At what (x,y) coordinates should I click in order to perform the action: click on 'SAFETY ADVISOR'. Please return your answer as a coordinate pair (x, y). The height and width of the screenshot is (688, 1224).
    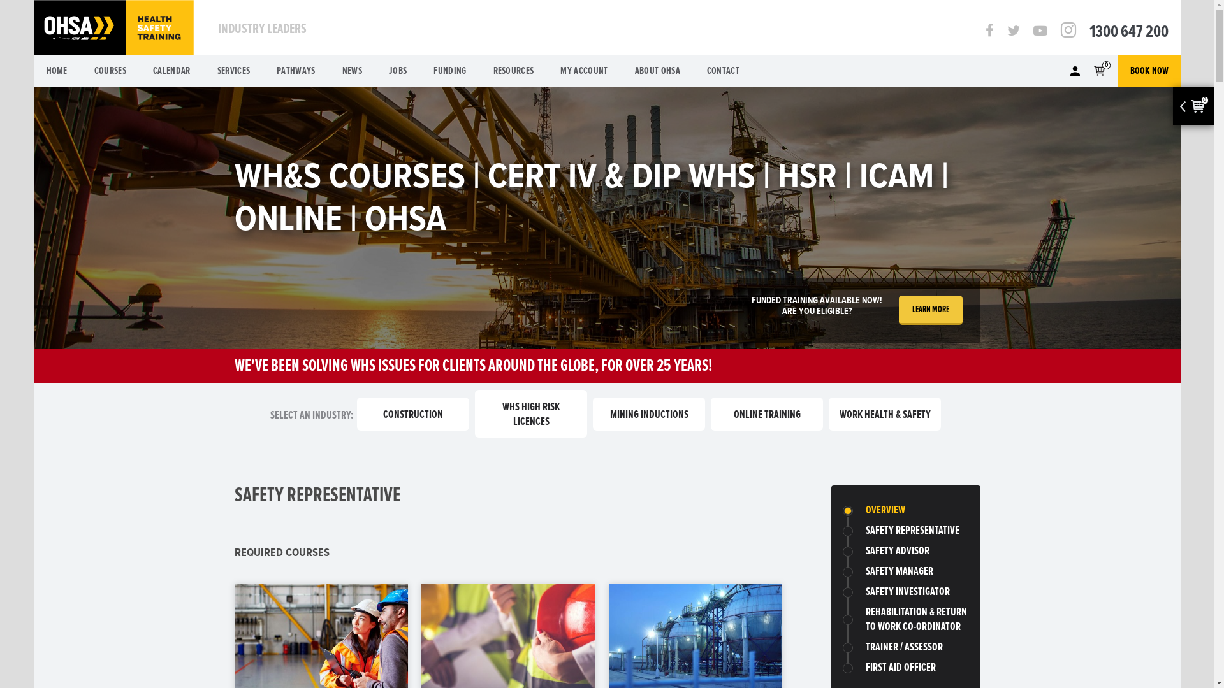
    Looking at the image, I should click on (896, 550).